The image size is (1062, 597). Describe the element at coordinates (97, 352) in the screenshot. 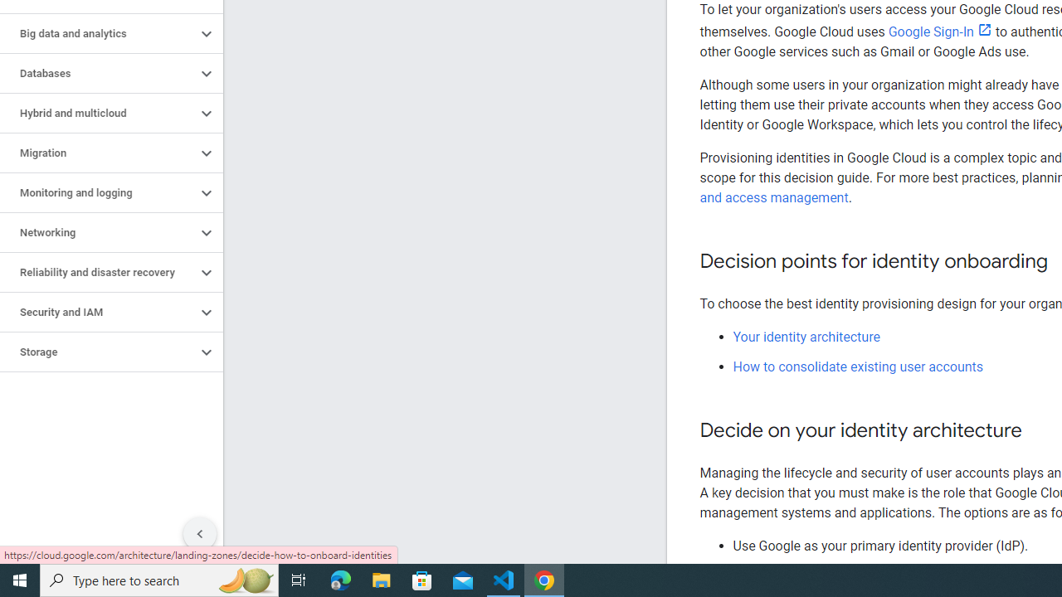

I see `'Storage'` at that location.